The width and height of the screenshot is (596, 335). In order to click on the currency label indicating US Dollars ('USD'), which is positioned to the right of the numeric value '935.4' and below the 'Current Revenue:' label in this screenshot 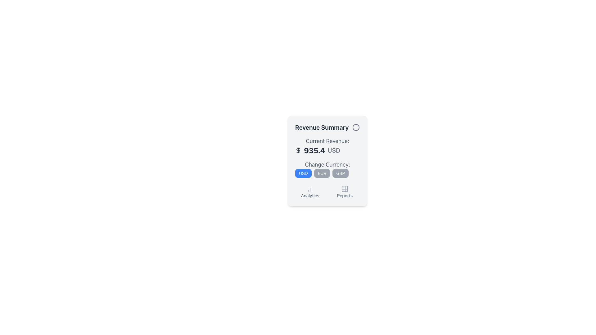, I will do `click(333, 150)`.